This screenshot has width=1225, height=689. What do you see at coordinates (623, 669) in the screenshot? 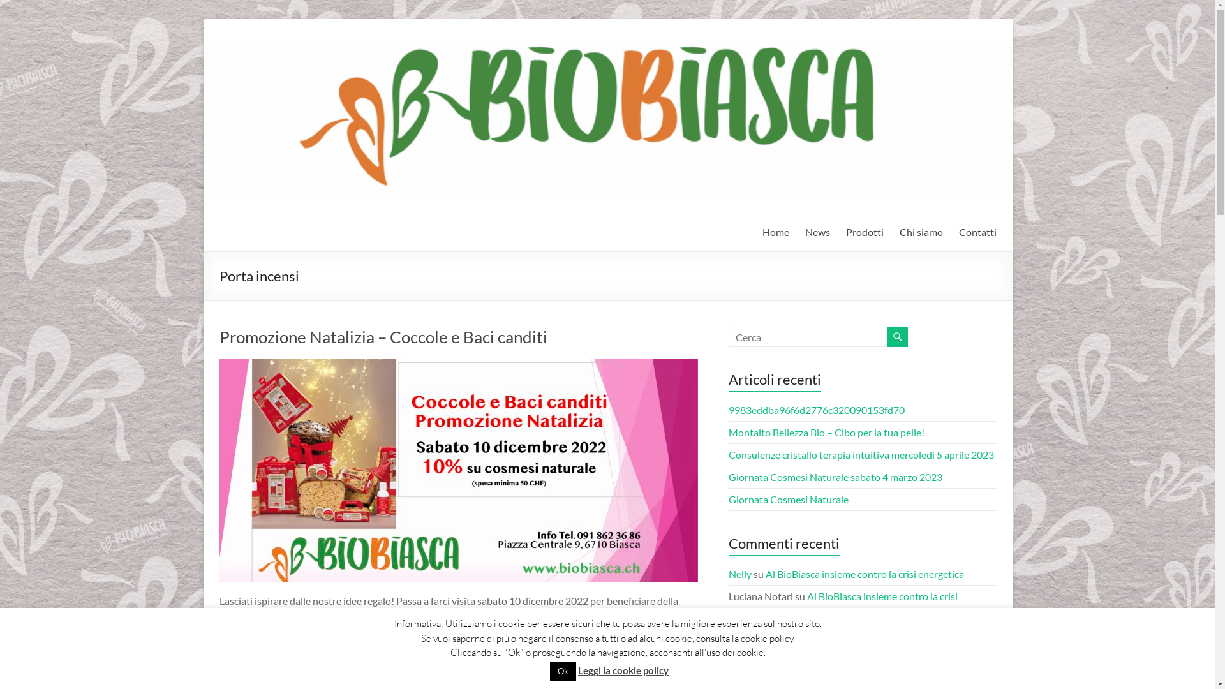
I see `'Leggi la cookie policy'` at bounding box center [623, 669].